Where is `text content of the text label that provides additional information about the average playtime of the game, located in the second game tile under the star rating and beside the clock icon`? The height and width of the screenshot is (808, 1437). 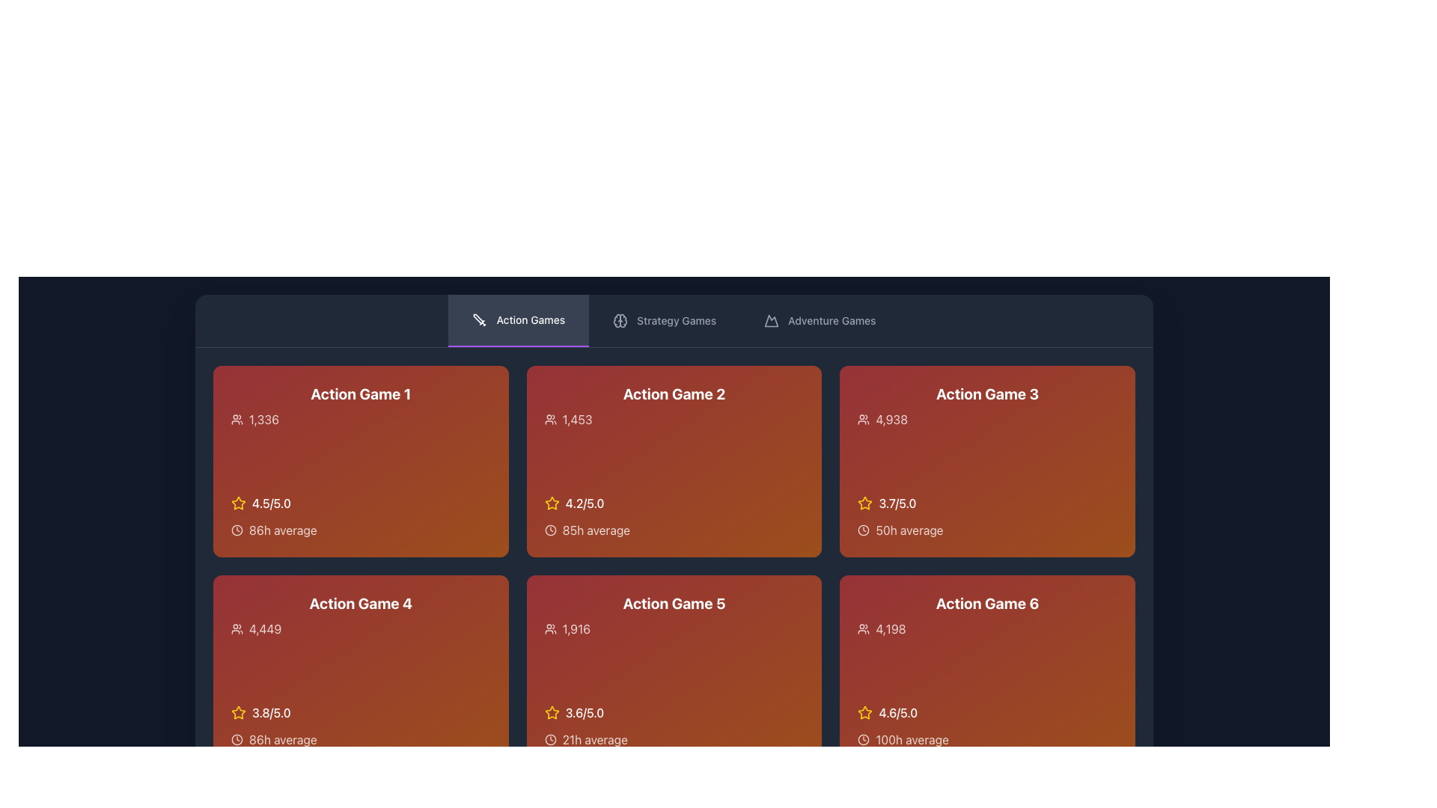 text content of the text label that provides additional information about the average playtime of the game, located in the second game tile under the star rating and beside the clock icon is located at coordinates (595, 530).